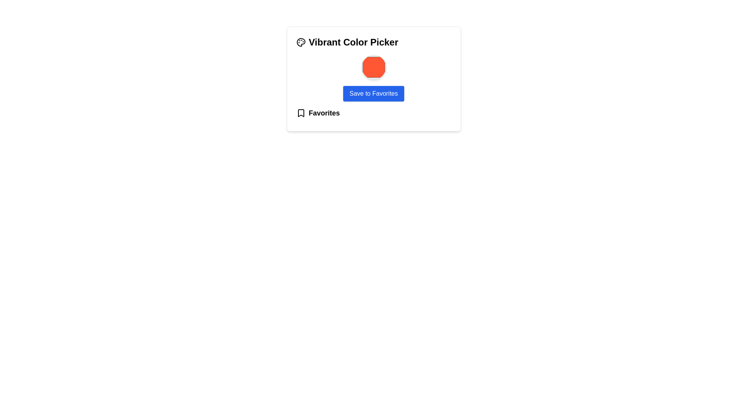 The width and height of the screenshot is (747, 420). I want to click on the 'Save to Favorites' button, which is a rectangular button with rounded corners, deep blue background, and white text, to observe the visual feedback effect, so click(373, 93).